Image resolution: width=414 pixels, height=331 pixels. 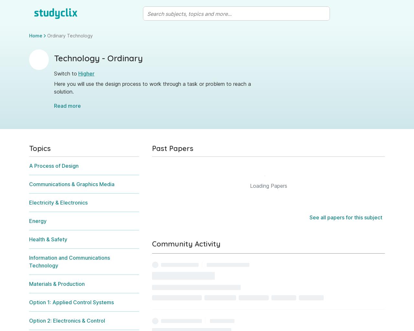 What do you see at coordinates (28, 103) in the screenshot?
I see `'Sample Project Folder'` at bounding box center [28, 103].